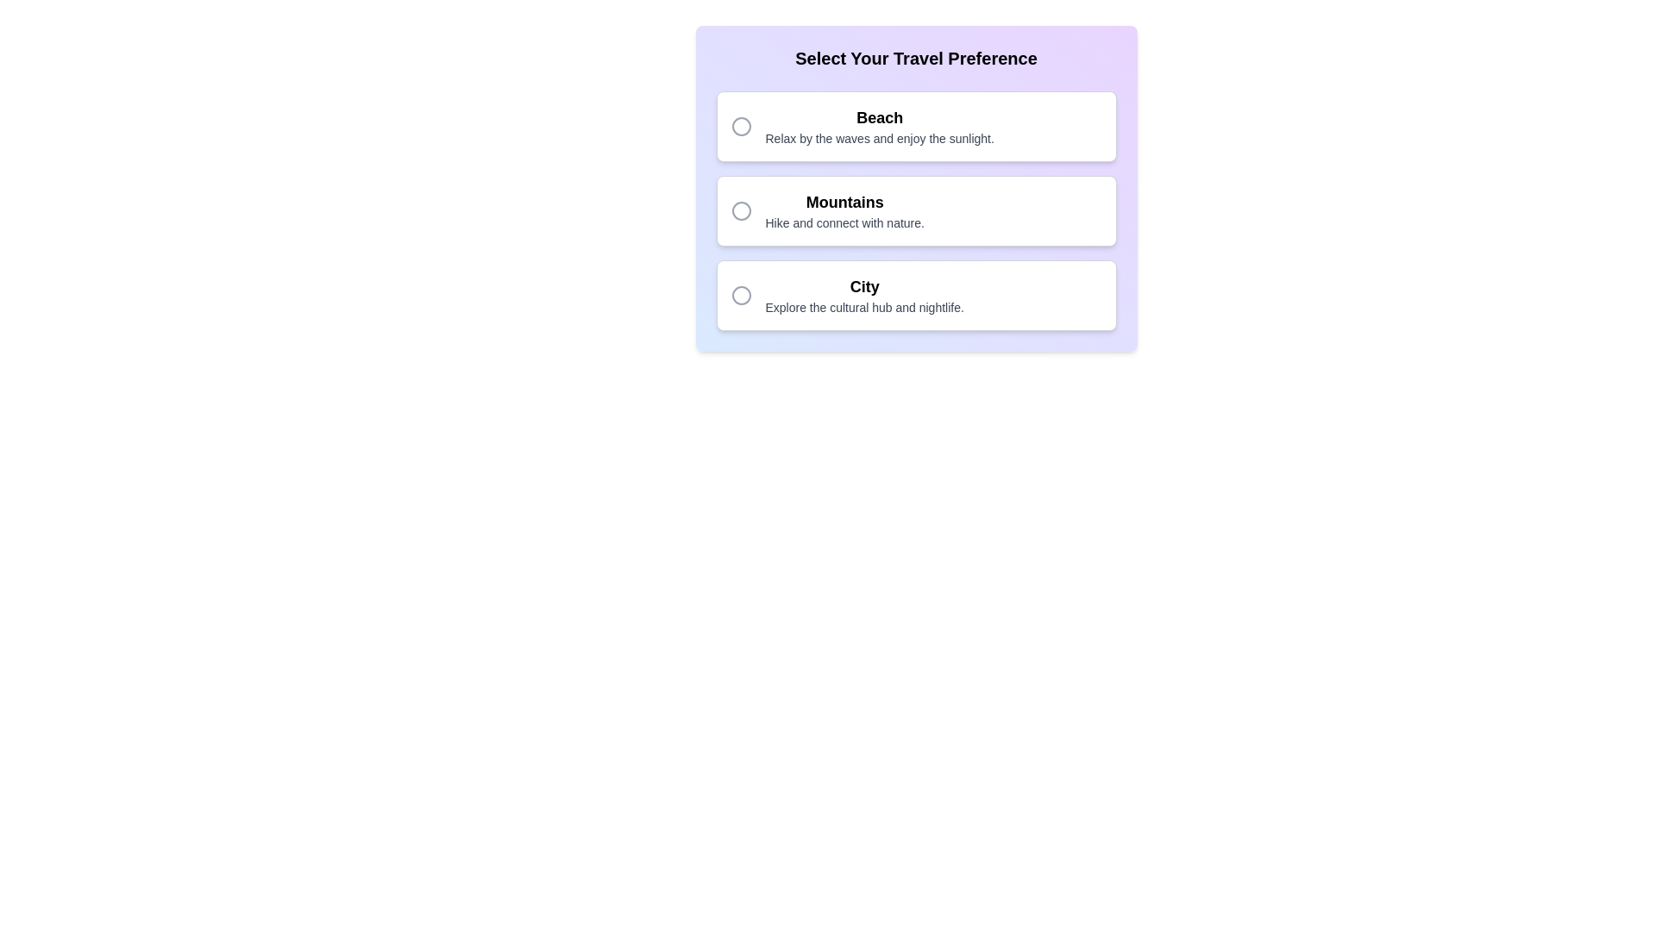 This screenshot has height=931, width=1656. Describe the element at coordinates (915, 58) in the screenshot. I see `the static text heading that reads 'Select Your Travel Preference', which is bold and centered at the top of the card-like section` at that location.